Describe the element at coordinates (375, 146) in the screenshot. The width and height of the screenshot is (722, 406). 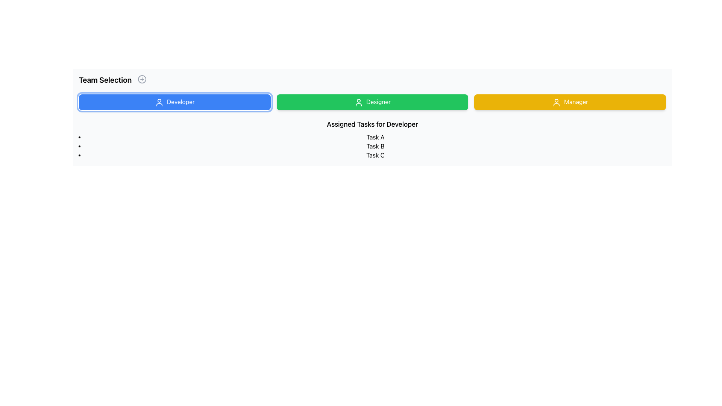
I see `the text label displaying 'Task B', the second entry` at that location.